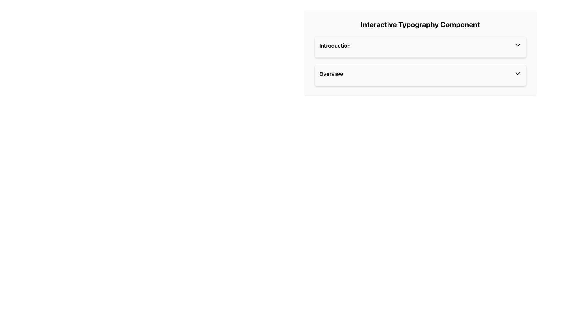  I want to click on the chevron down icon located at the far right of the 'Introduction' section header, so click(517, 45).